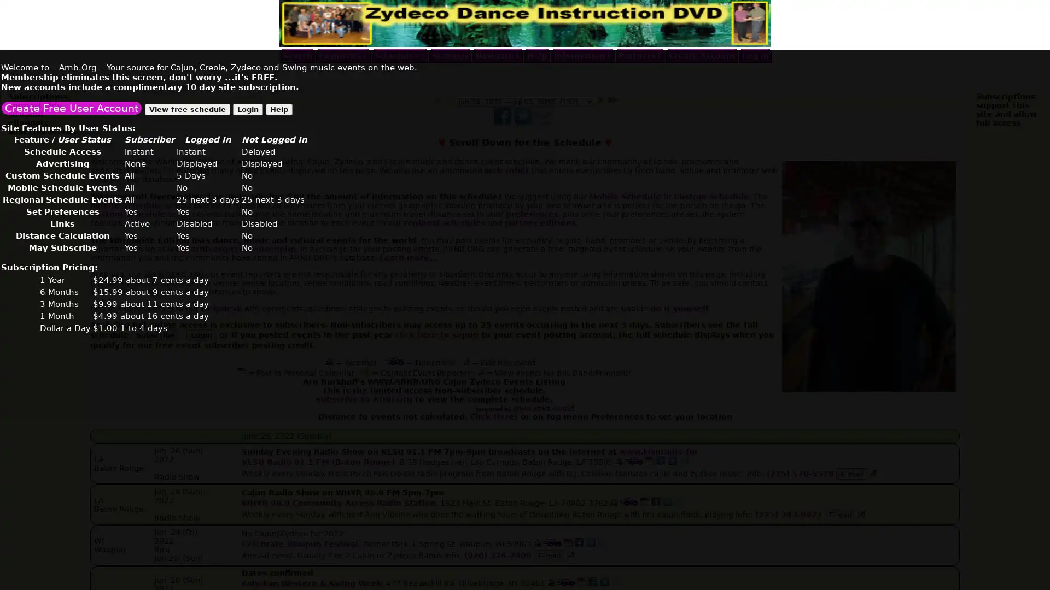  I want to click on Help, so click(279, 109).